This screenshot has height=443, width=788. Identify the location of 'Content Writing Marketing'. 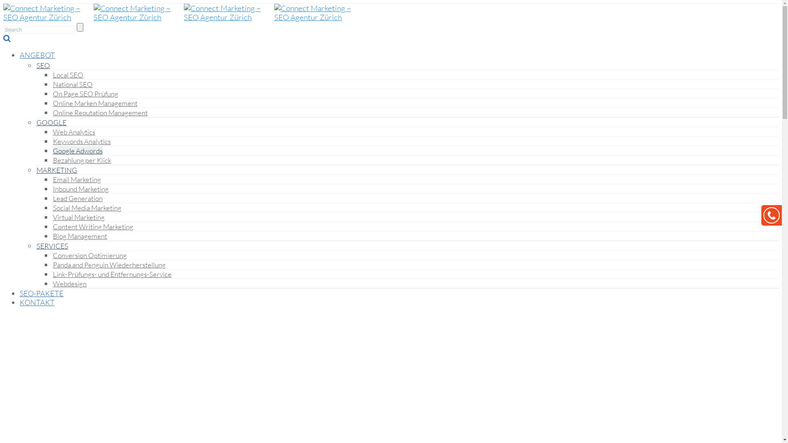
(93, 226).